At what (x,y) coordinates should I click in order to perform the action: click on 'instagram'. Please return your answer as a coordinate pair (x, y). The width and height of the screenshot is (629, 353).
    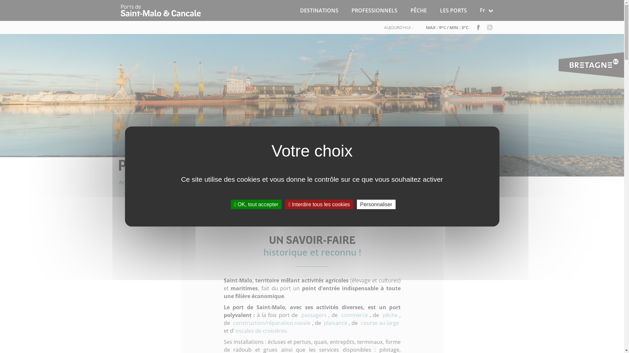
    Looking at the image, I should click on (489, 27).